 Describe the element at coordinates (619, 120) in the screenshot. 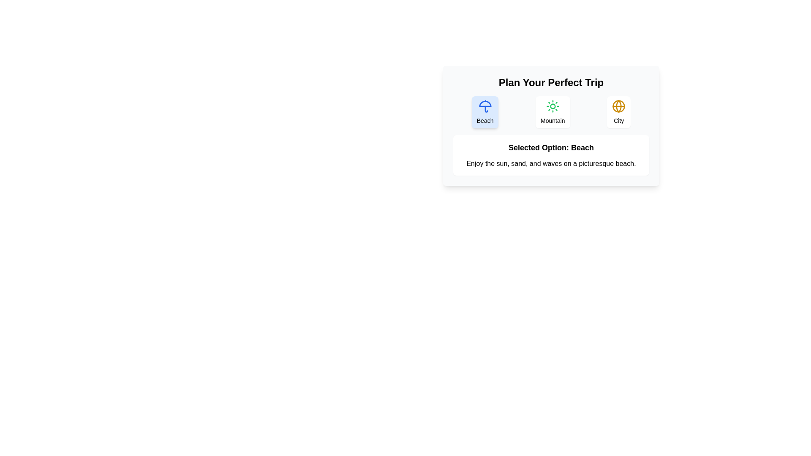

I see `the 'City' text label that indicates the selection option within the horizontal arrangement of three options beneath the heading 'Plan Your Perfect Trip.'` at that location.